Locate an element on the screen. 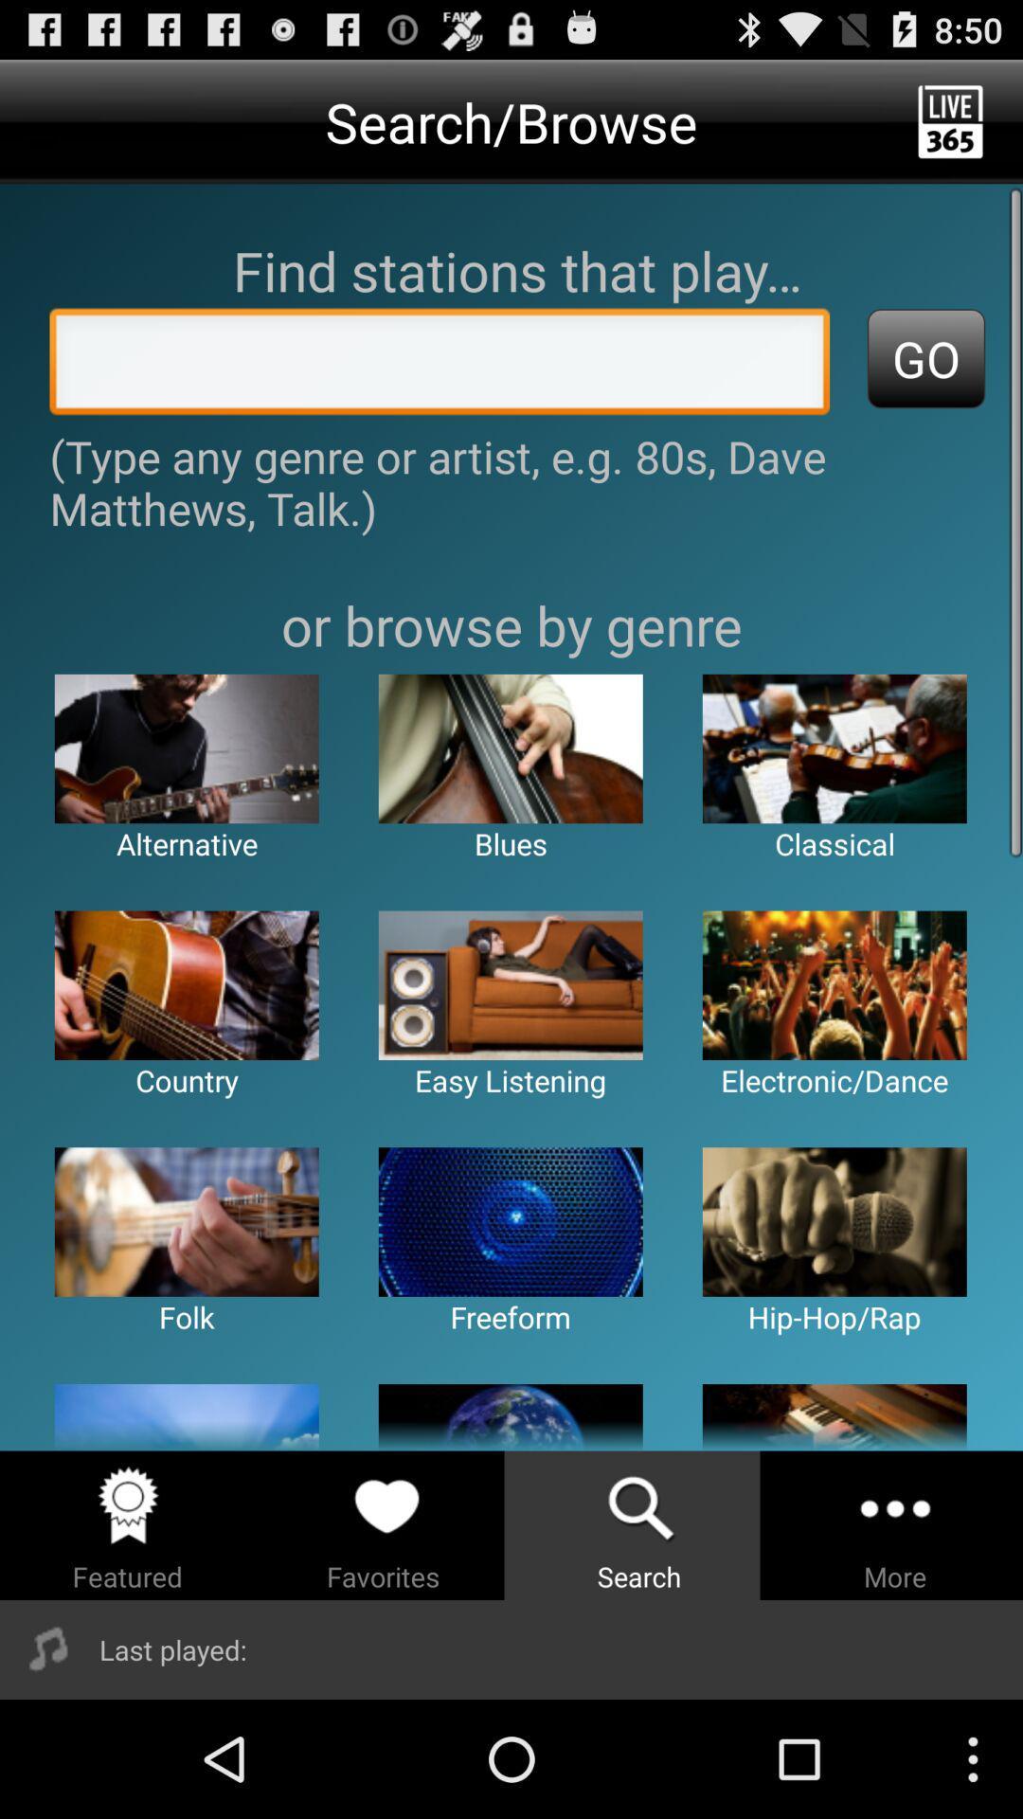  search area is located at coordinates (440, 367).